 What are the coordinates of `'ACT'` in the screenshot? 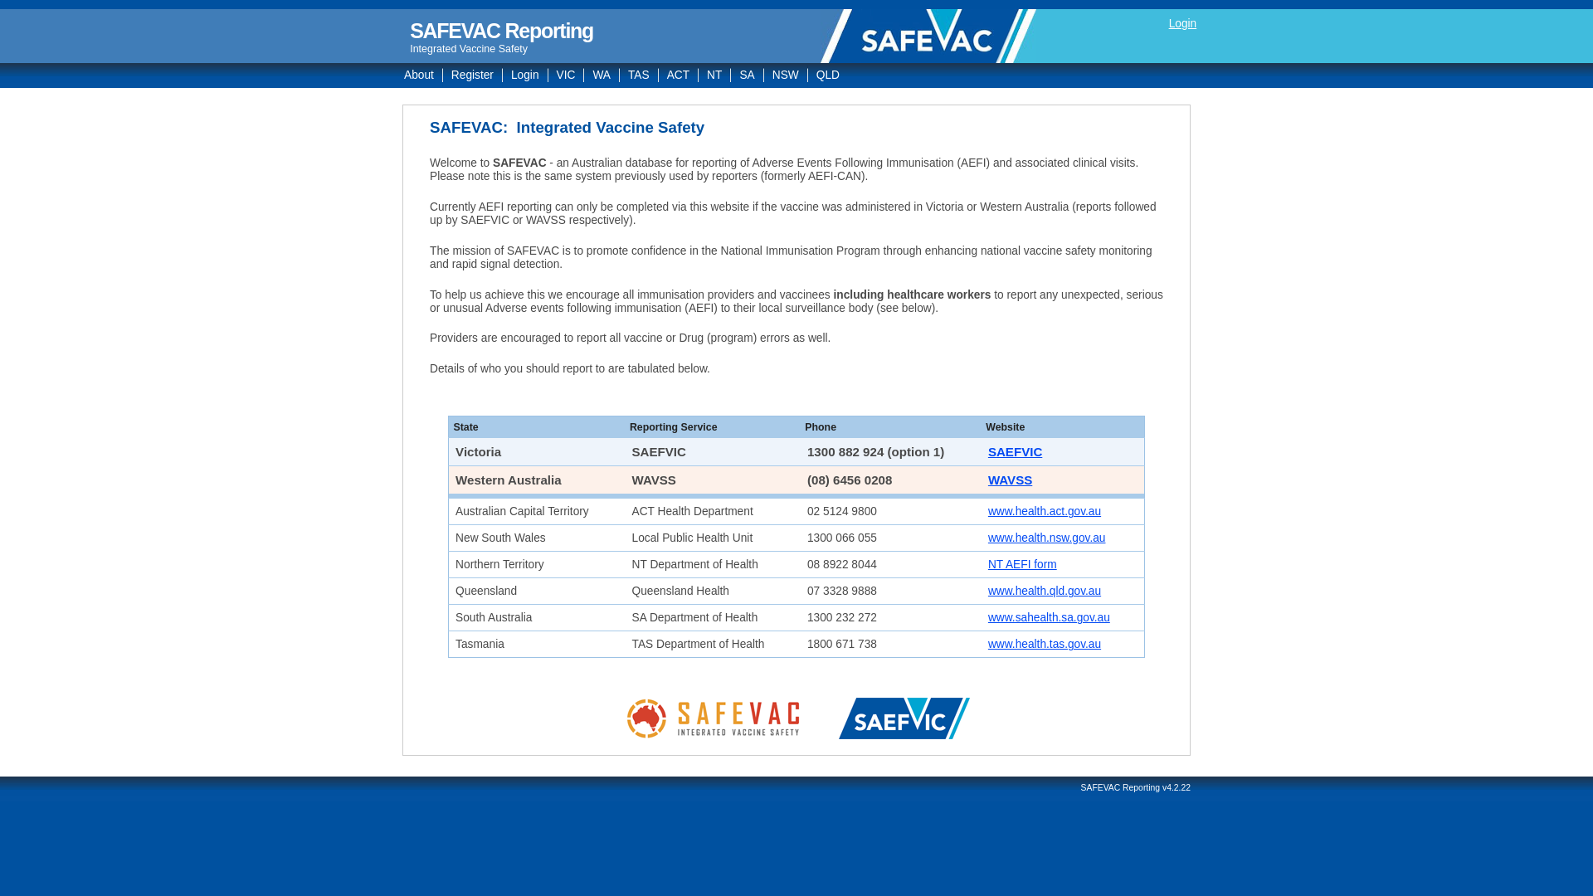 It's located at (657, 75).